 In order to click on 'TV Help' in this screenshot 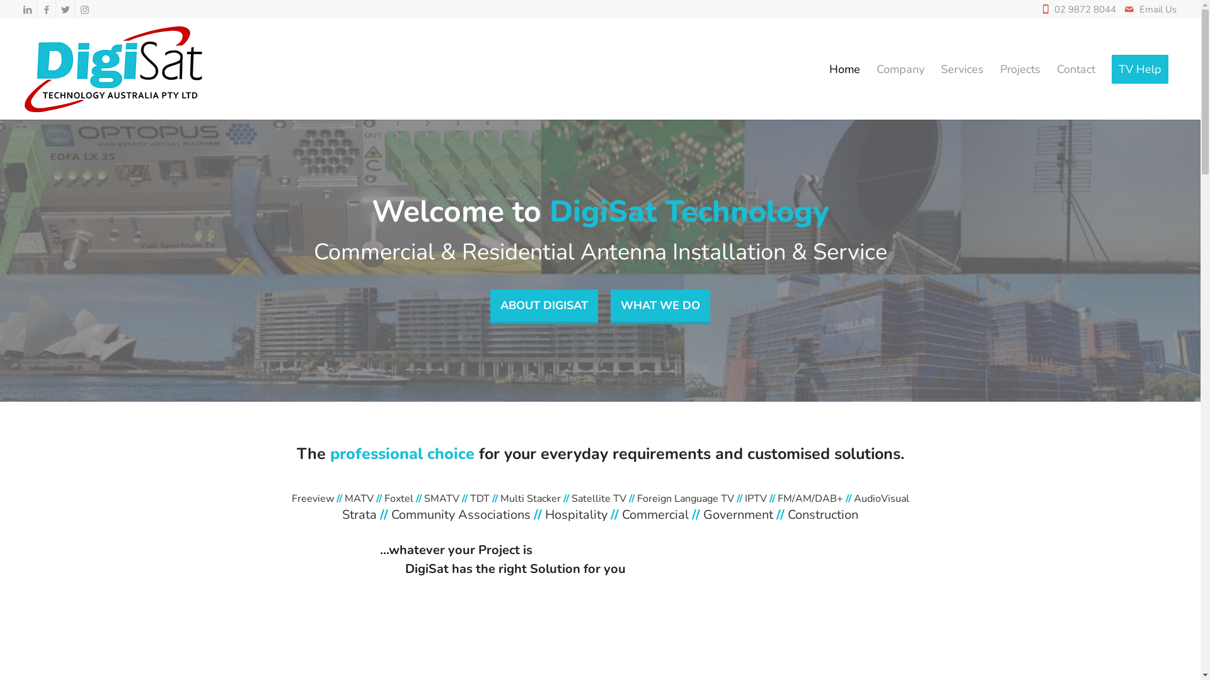, I will do `click(1140, 69)`.